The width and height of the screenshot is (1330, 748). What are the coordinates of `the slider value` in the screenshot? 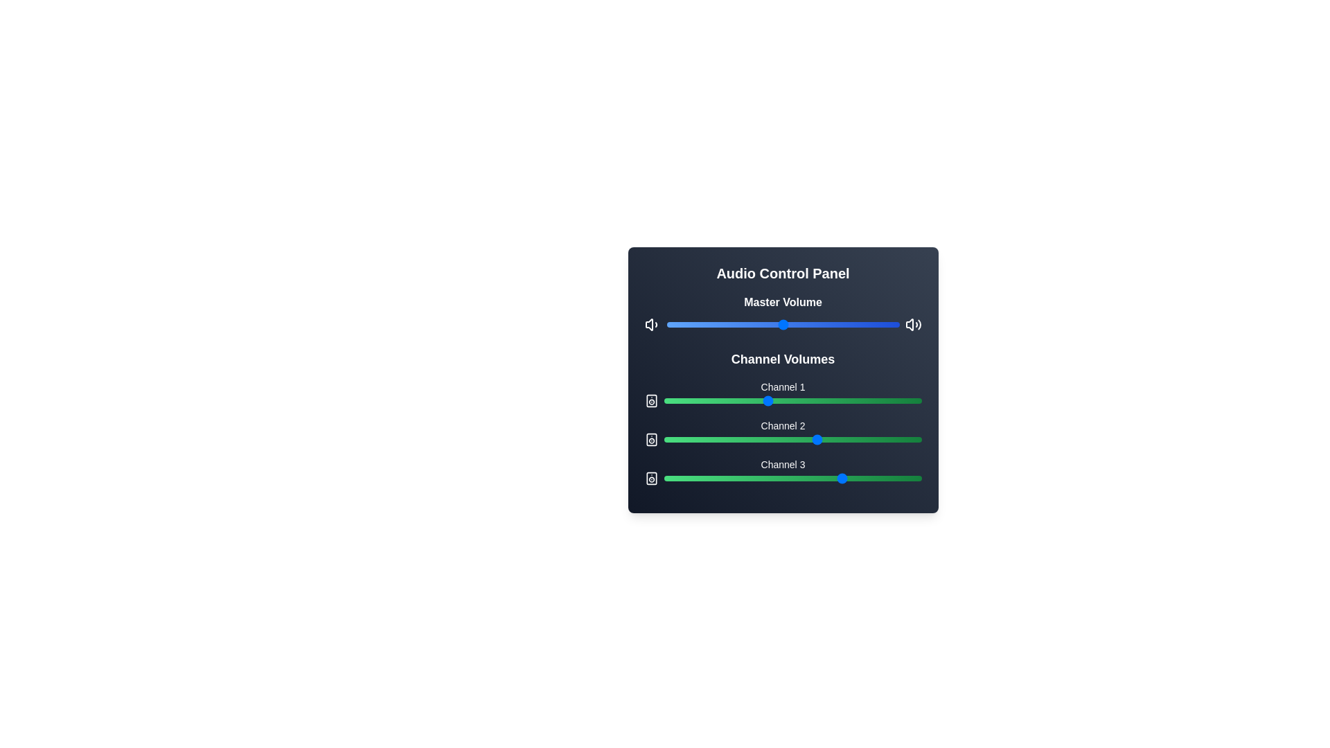 It's located at (750, 440).